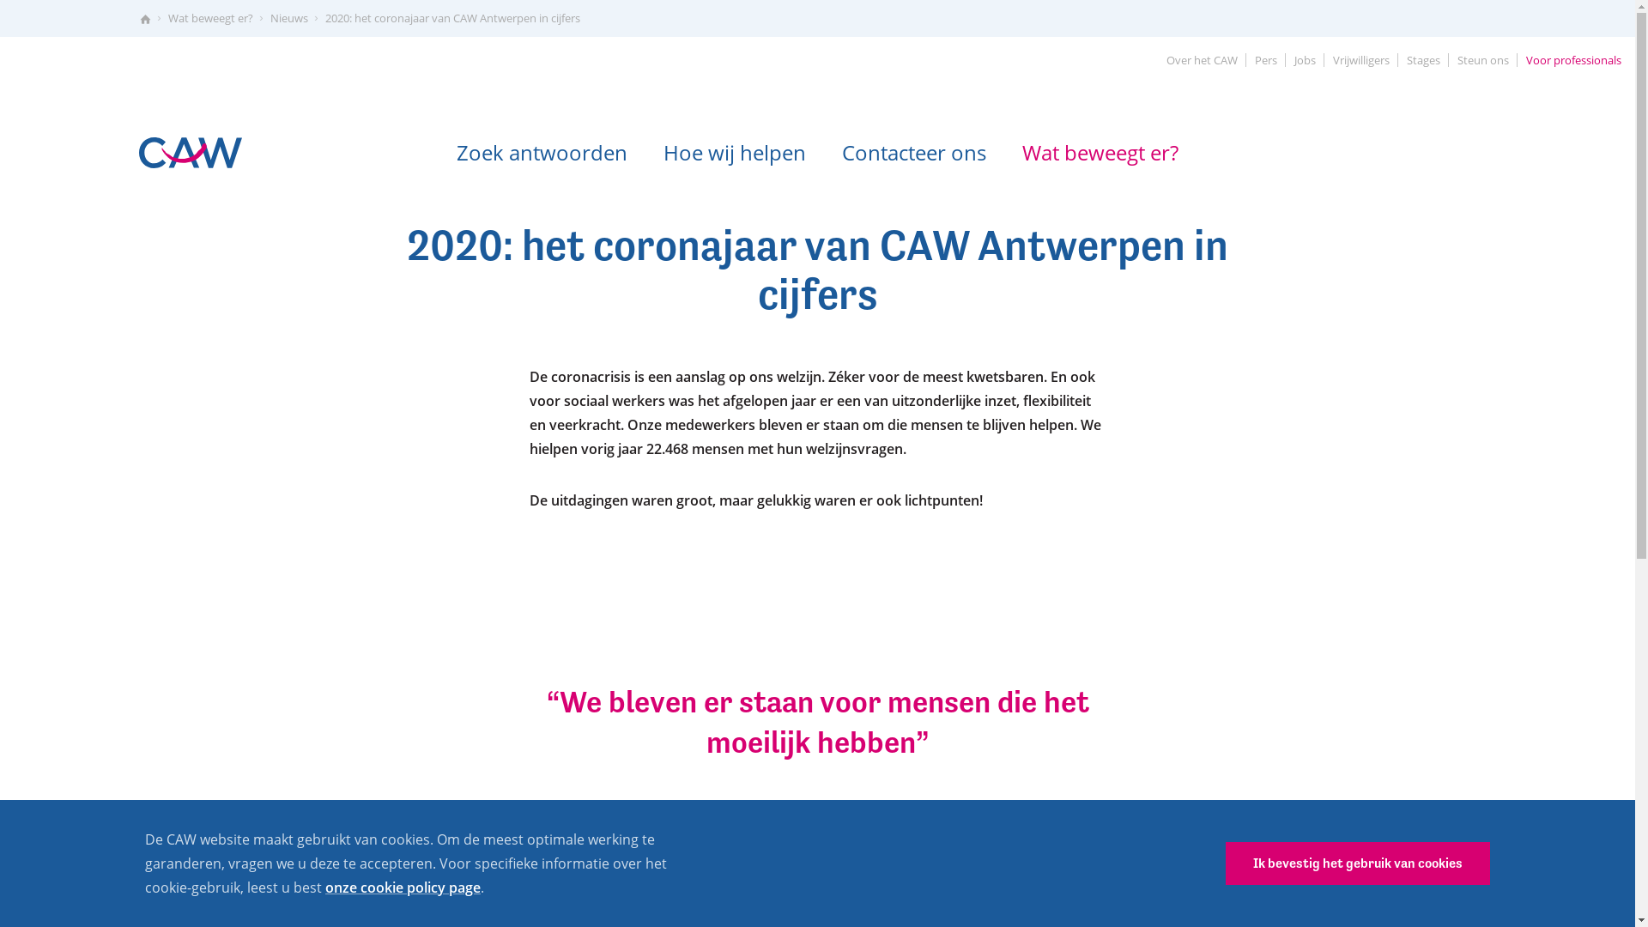 The image size is (1648, 927). Describe the element at coordinates (1201, 59) in the screenshot. I see `'Over het CAW'` at that location.